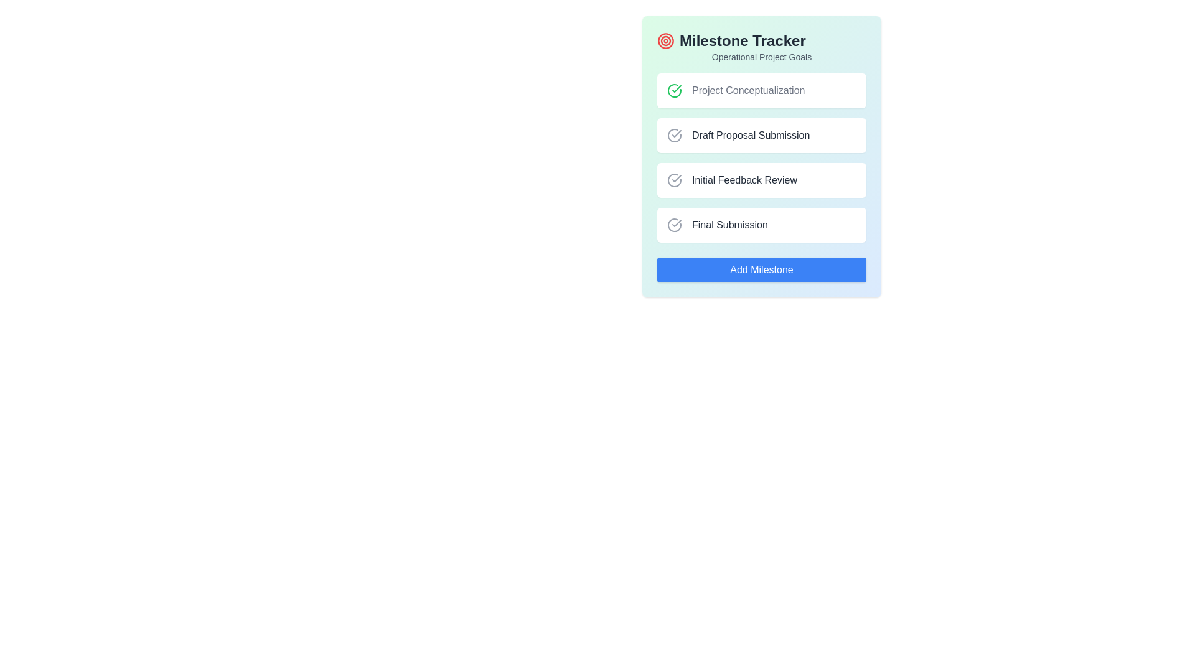 Image resolution: width=1195 pixels, height=672 pixels. I want to click on the milestone icon associated with the 'Draft Proposal Submission' task, which signifies a specific status of the task in the milestone tracker, so click(674, 136).